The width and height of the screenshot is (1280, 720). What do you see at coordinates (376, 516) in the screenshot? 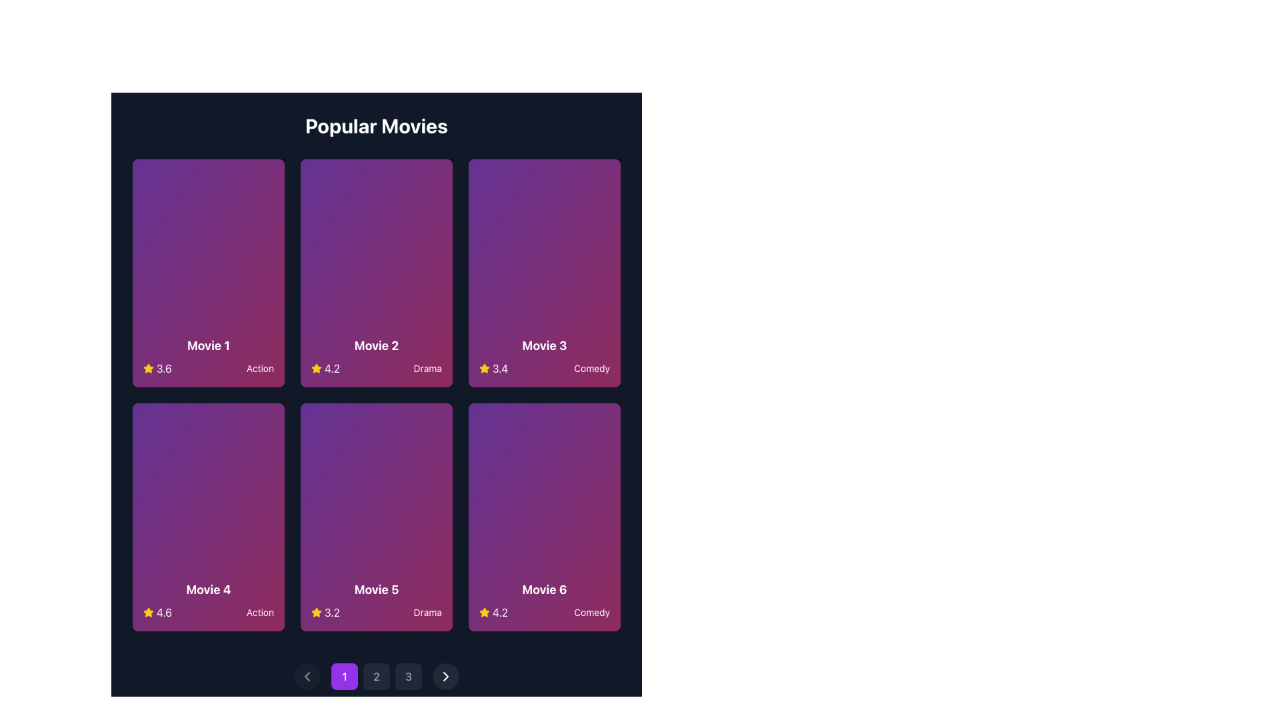
I see `the movie details card located in the middle position of the bottom row of the grid layout` at bounding box center [376, 516].